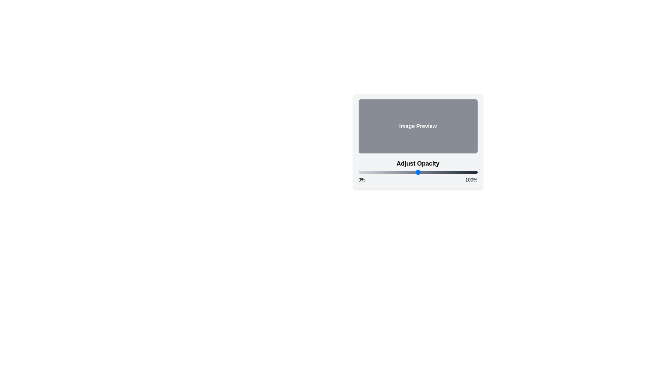 The image size is (649, 365). I want to click on the text-based label component that indicates the minimum (0%) and maximum (100%) values for the opacity adjustment slider located below the 'Adjust Opacity' slider, so click(417, 179).